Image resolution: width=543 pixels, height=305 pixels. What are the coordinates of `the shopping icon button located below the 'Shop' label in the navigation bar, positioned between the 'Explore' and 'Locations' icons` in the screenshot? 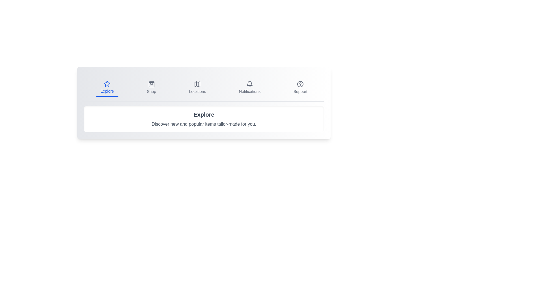 It's located at (151, 84).